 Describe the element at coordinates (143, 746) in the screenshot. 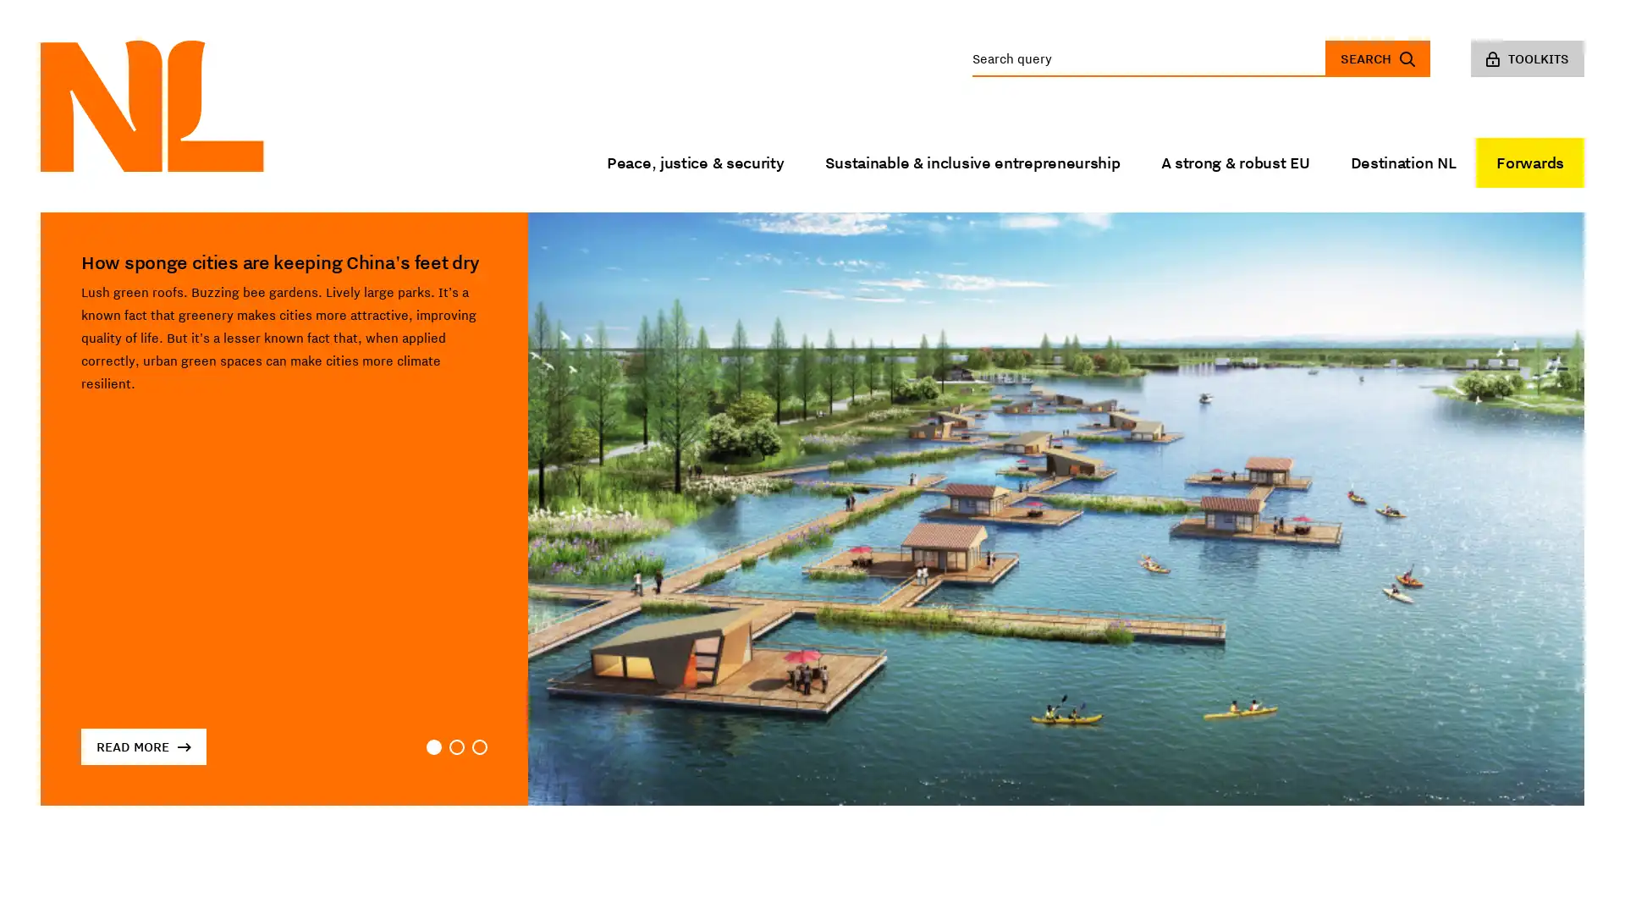

I see `READ MORE` at that location.